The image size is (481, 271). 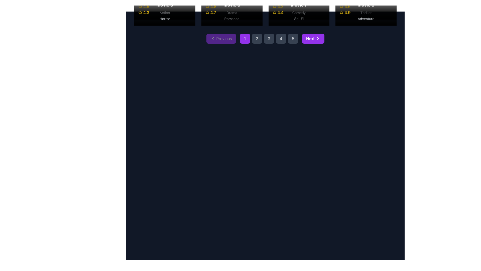 I want to click on the fourth button in a row of five, which is a rounded square button with a gray background and the number '4' in light gray, so click(x=281, y=38).